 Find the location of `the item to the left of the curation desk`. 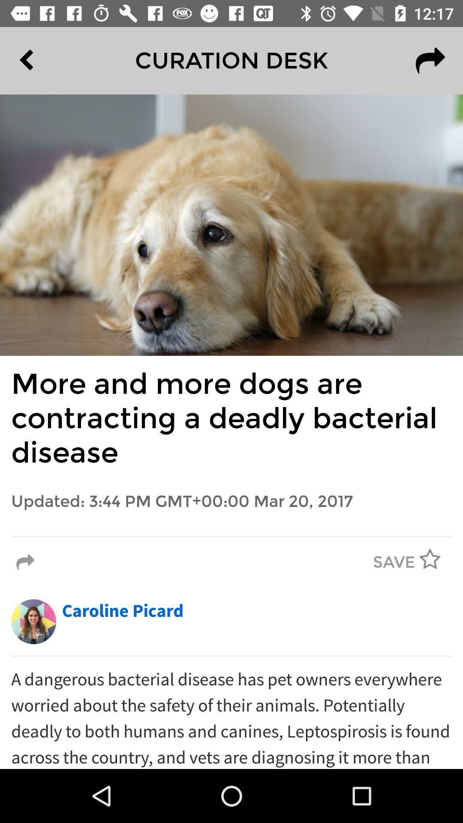

the item to the left of the curation desk is located at coordinates (46, 60).